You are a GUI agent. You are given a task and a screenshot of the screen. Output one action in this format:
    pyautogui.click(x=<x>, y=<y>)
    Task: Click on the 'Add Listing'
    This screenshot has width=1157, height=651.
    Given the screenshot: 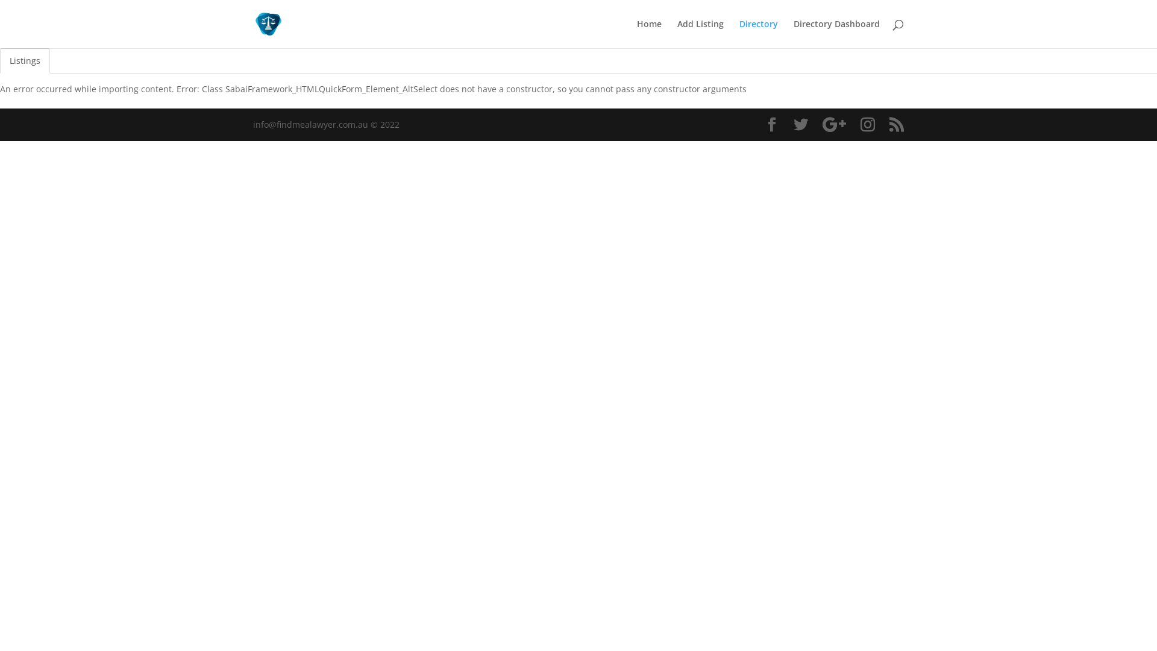 What is the action you would take?
    pyautogui.click(x=700, y=33)
    